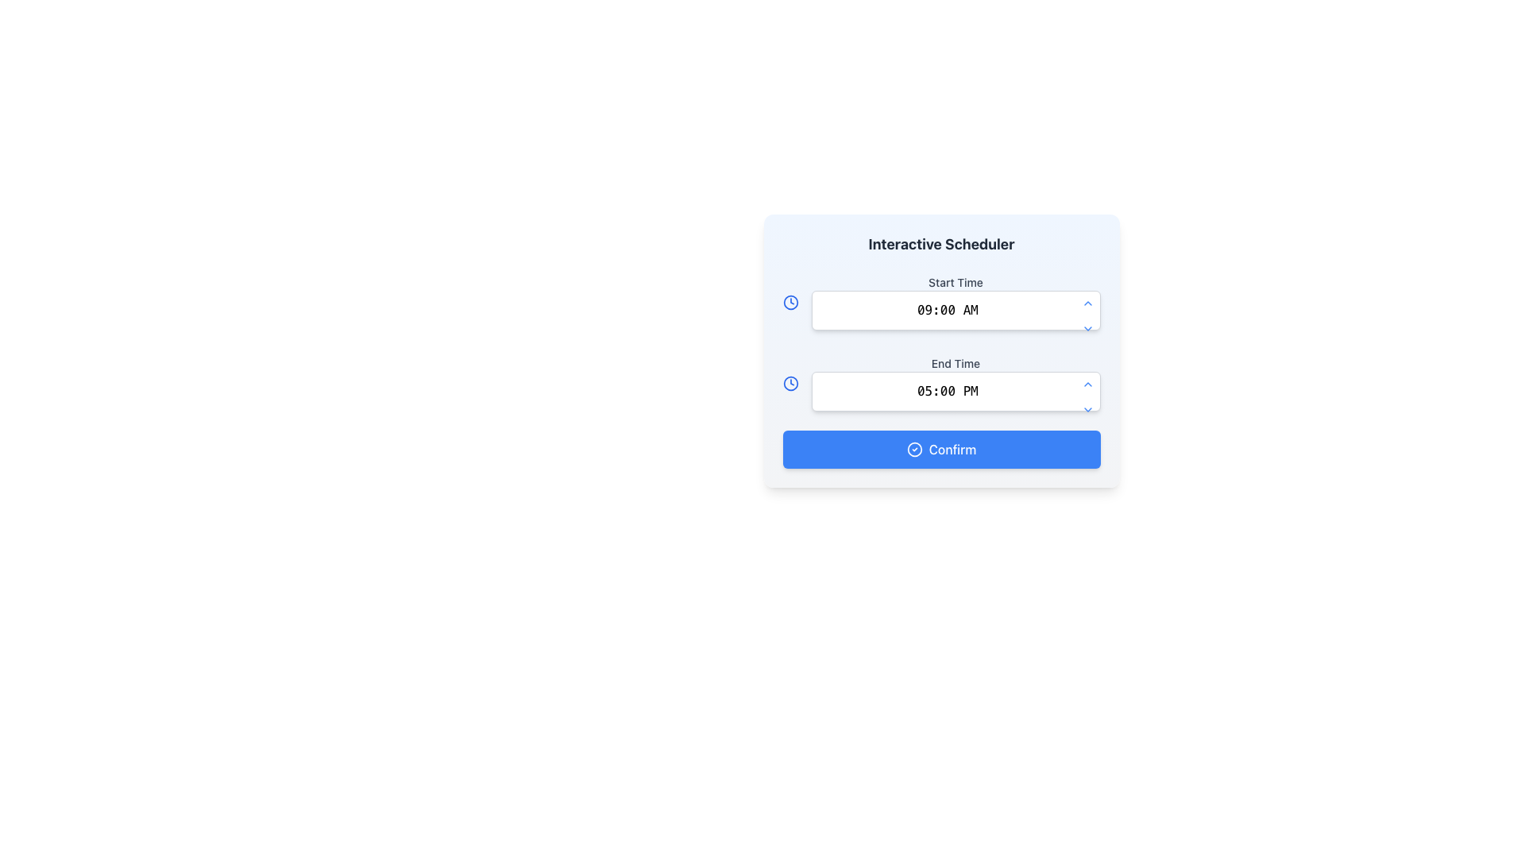 This screenshot has height=858, width=1525. I want to click on the central element of the clock icon located on the left side of the 'End Time' field in the scheduler interface, so click(790, 383).